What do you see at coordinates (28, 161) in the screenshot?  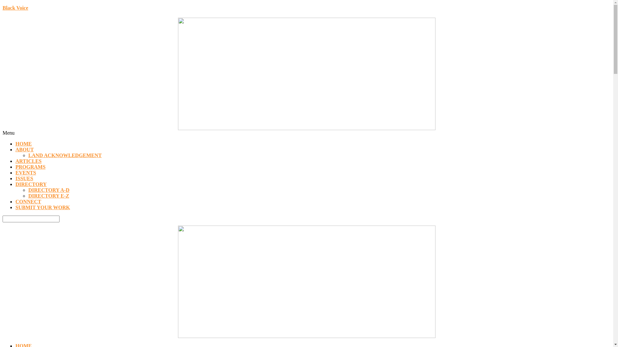 I see `'ARTICLES'` at bounding box center [28, 161].